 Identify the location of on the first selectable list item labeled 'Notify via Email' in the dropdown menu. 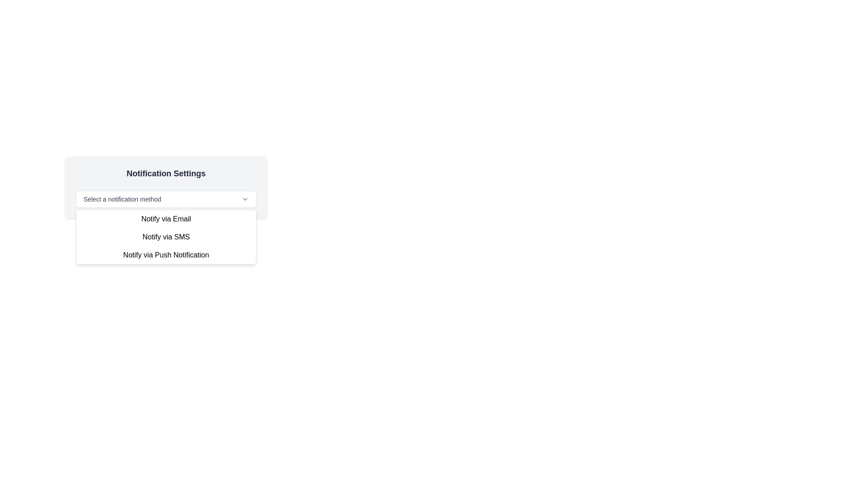
(166, 219).